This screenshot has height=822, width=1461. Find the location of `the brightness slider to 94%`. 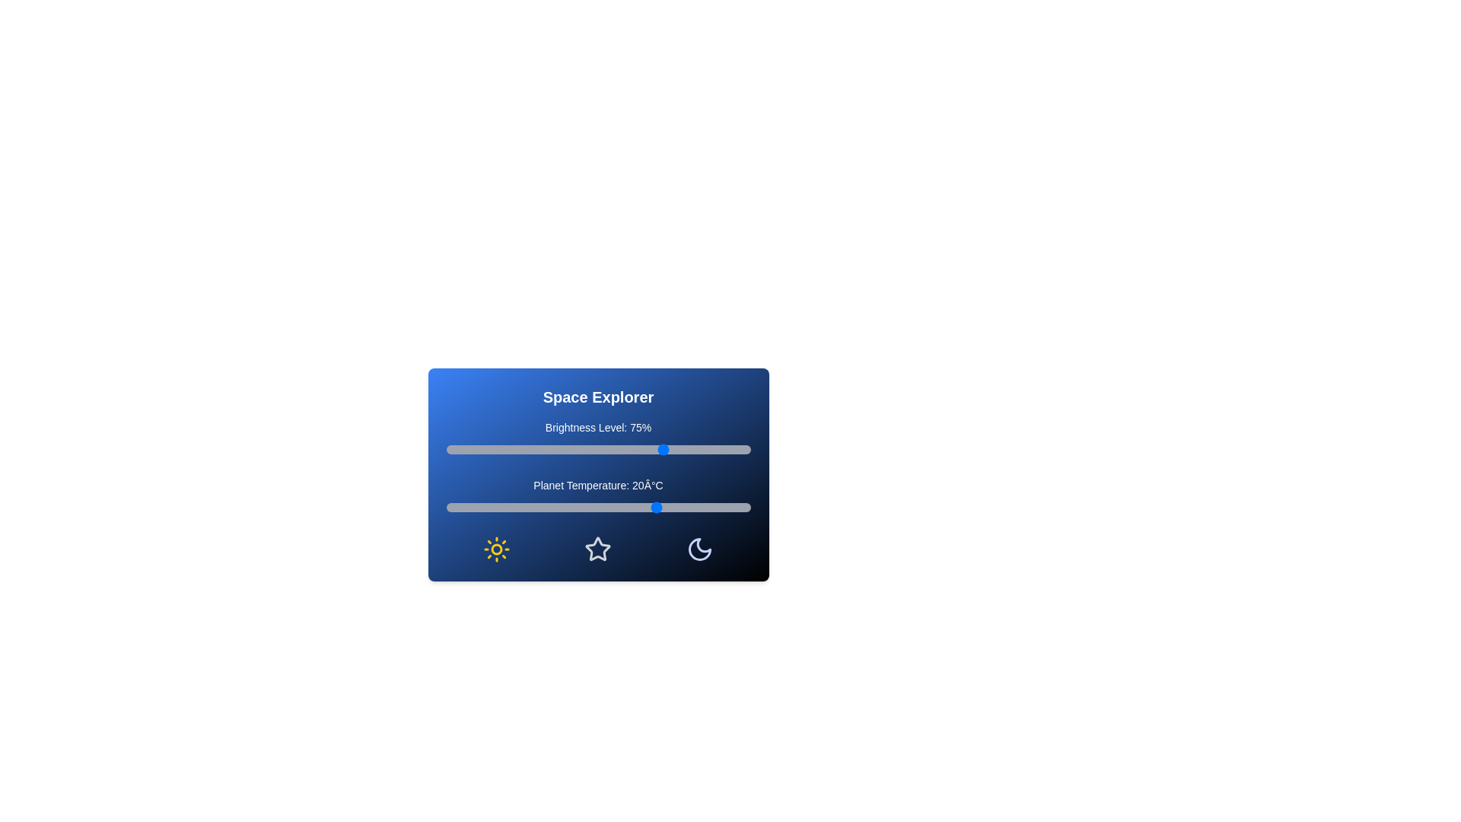

the brightness slider to 94% is located at coordinates (729, 448).